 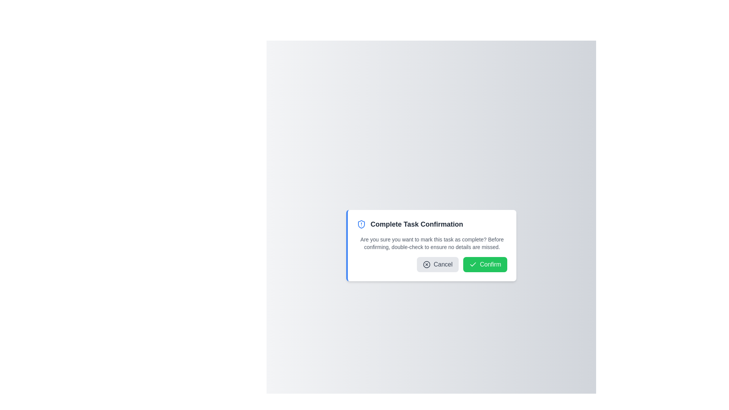 I want to click on the primary body of the blue-tinted shield icon located in the top-left section of the confirmation modal, so click(x=361, y=224).